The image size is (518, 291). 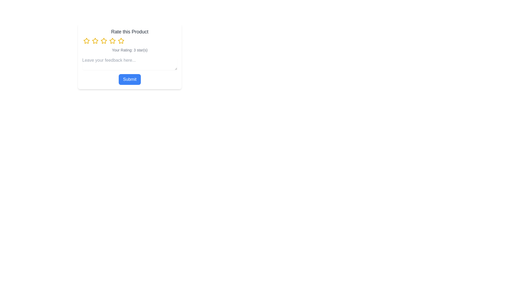 I want to click on the rating by clicking on the 2 star, so click(x=95, y=40).